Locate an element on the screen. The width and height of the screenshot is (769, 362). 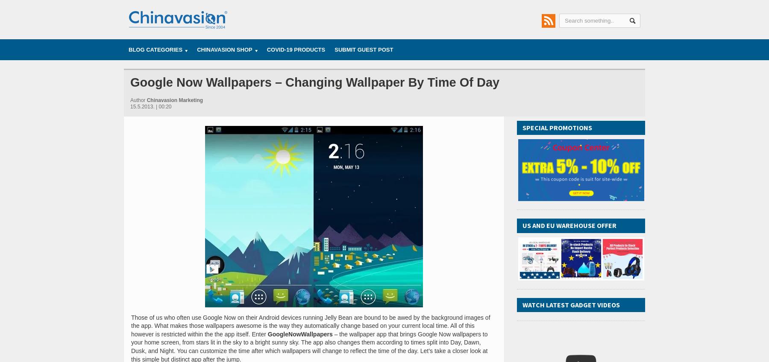
'Those of us who often use Google Now on their Android devices running Jelly Bean are bound to be awed by the background images of the app. What makes those wallpapers awesome is the way they automatically change based on your current local time. All of this however is restricted within the the app itself. Enter' is located at coordinates (131, 325).